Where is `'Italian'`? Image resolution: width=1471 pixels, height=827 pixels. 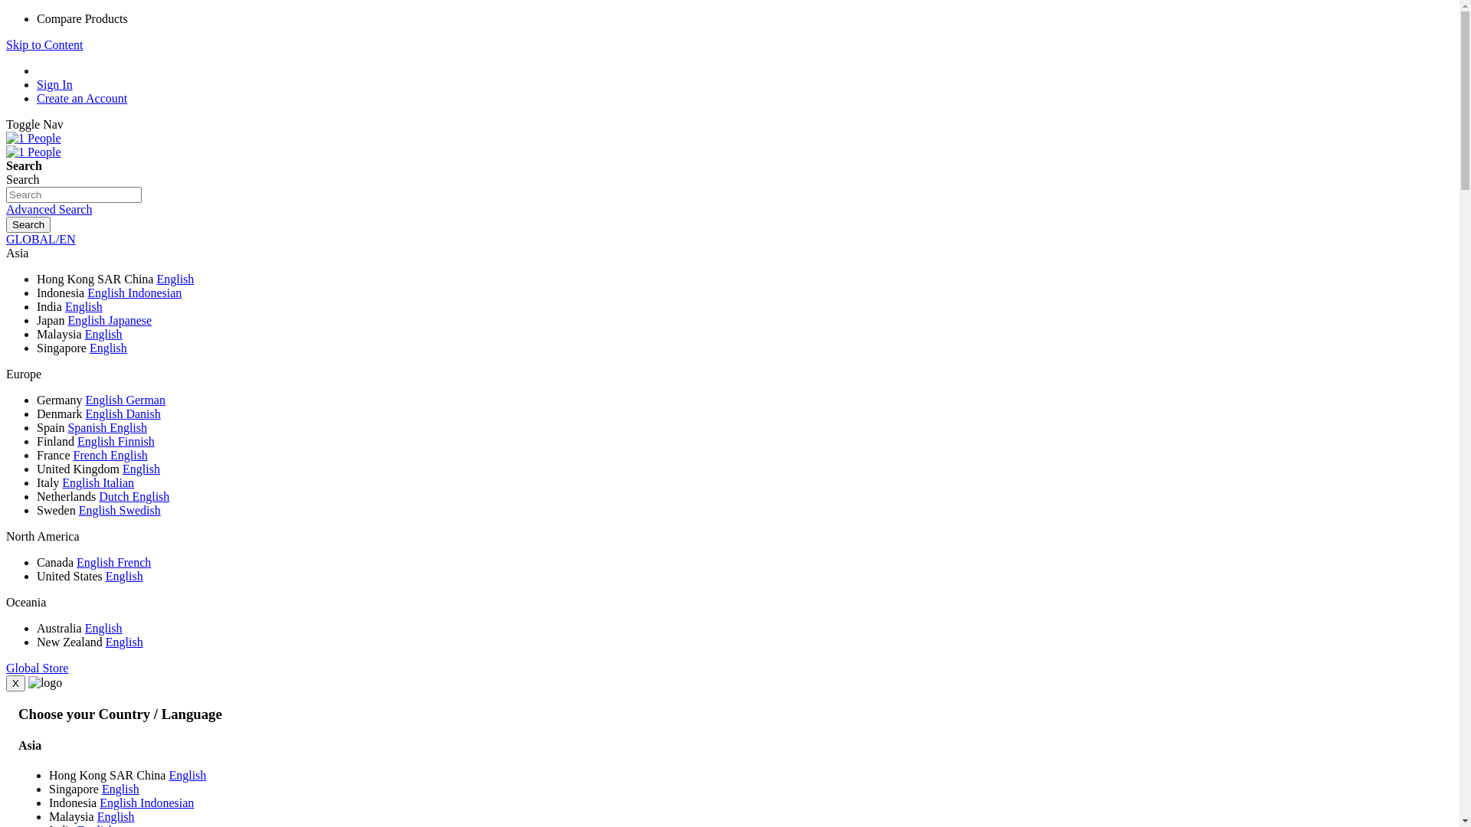 'Italian' is located at coordinates (117, 482).